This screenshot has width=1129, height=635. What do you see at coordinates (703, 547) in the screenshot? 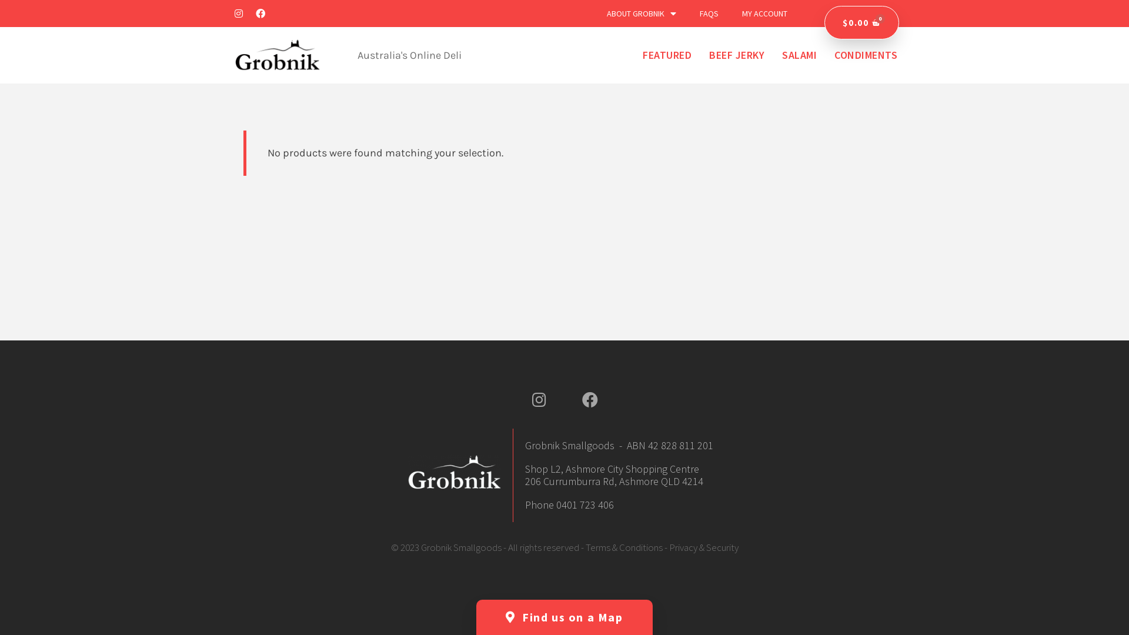
I see `'Privacy & Security'` at bounding box center [703, 547].